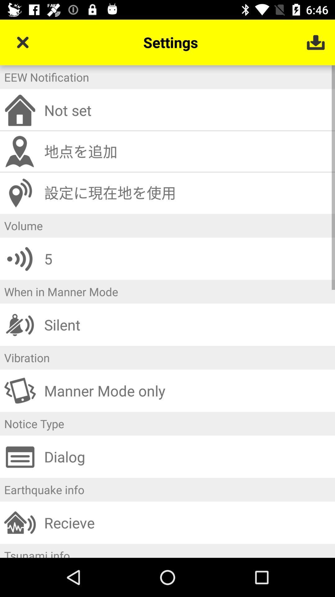 Image resolution: width=335 pixels, height=597 pixels. I want to click on the icon below when in manner, so click(187, 324).